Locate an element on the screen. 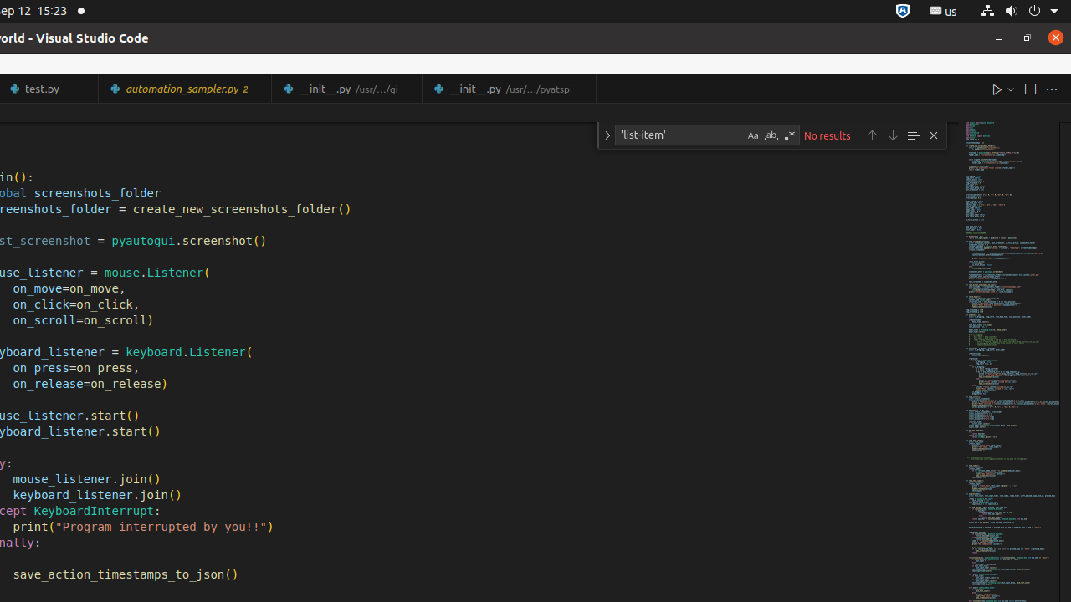 This screenshot has width=1071, height=602. 'More Actions...' is located at coordinates (1050, 89).